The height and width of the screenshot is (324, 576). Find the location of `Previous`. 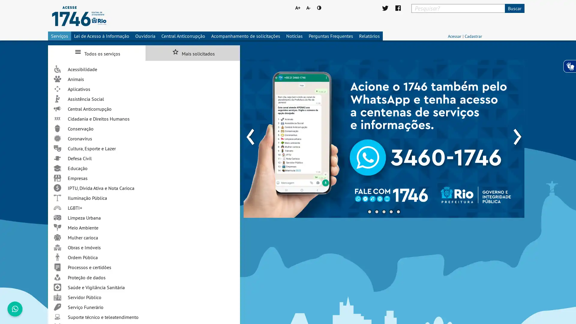

Previous is located at coordinates (250, 133).